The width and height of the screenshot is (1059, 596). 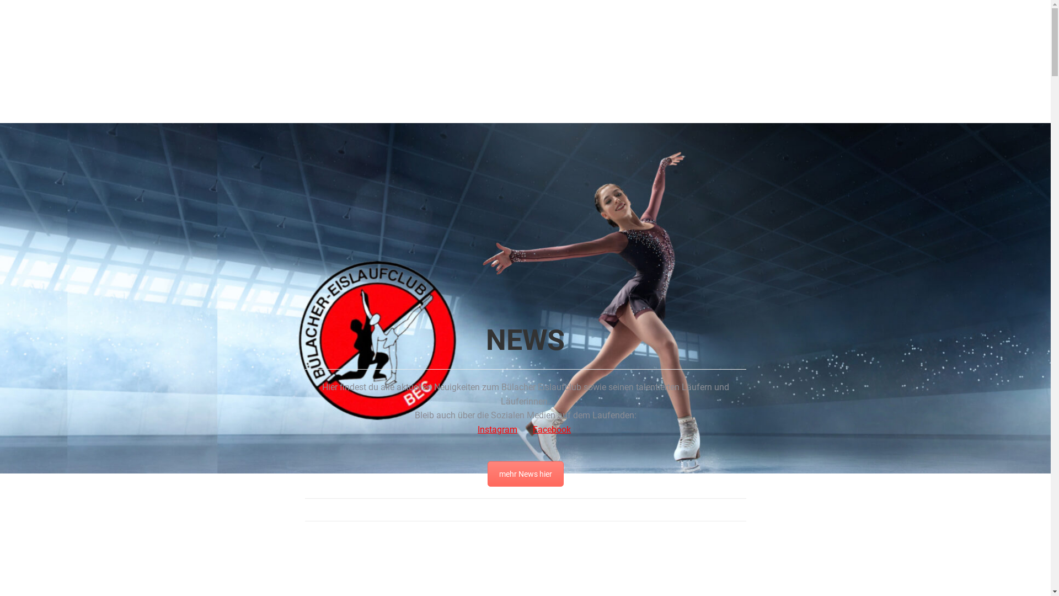 I want to click on 'Instagram', so click(x=497, y=429).